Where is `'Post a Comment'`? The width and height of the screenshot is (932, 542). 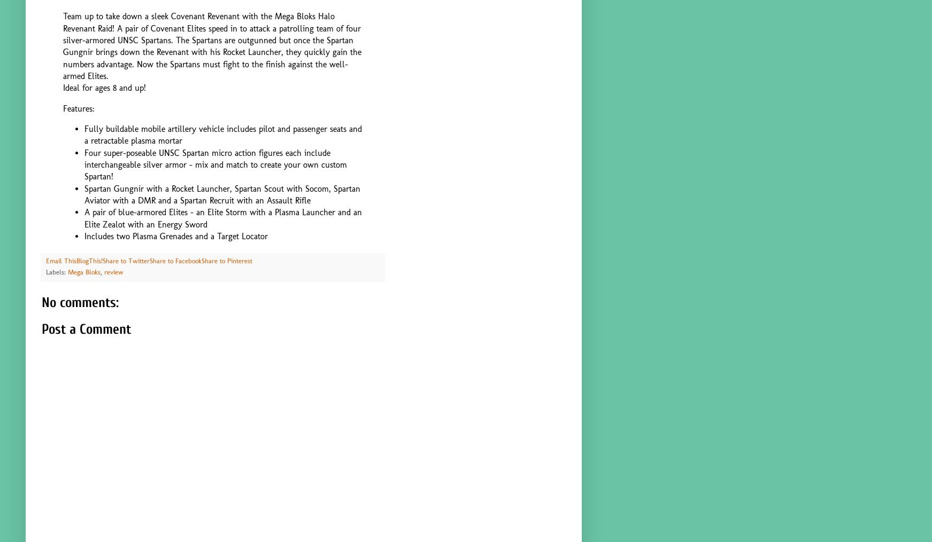
'Post a Comment' is located at coordinates (86, 328).